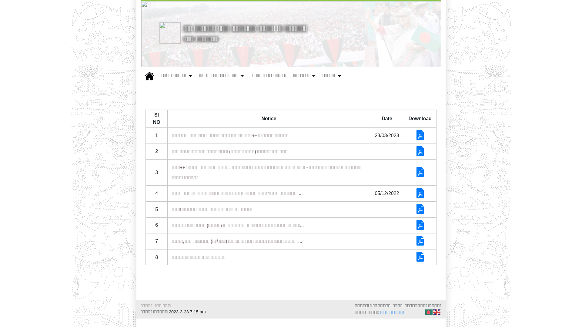  What do you see at coordinates (425, 312) in the screenshot?
I see `'Bengali'` at bounding box center [425, 312].